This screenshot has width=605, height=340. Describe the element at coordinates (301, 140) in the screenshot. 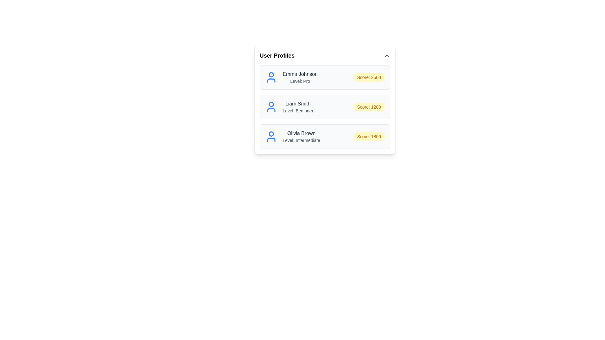

I see `the static text label displaying 'Level: Intermediate' in the 'User Profiles' panel for 'Olivia Brown'` at that location.